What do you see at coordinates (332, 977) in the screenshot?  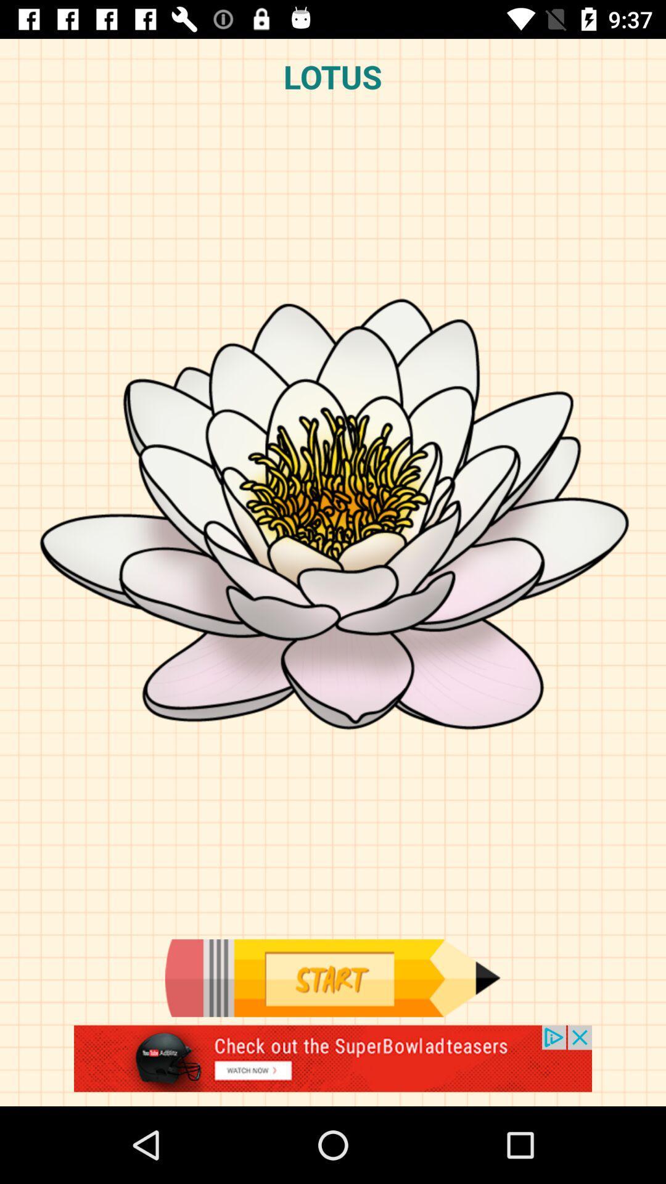 I see `start` at bounding box center [332, 977].